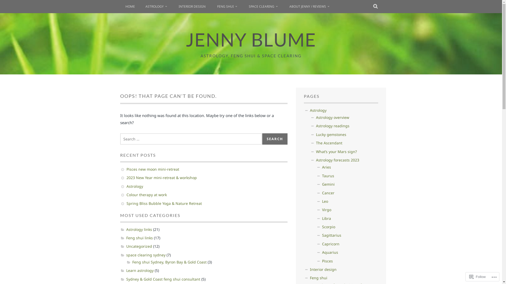 Image resolution: width=506 pixels, height=284 pixels. Describe the element at coordinates (169, 262) in the screenshot. I see `'Feng shui Sydney, Byron Bay & Gold Coast'` at that location.